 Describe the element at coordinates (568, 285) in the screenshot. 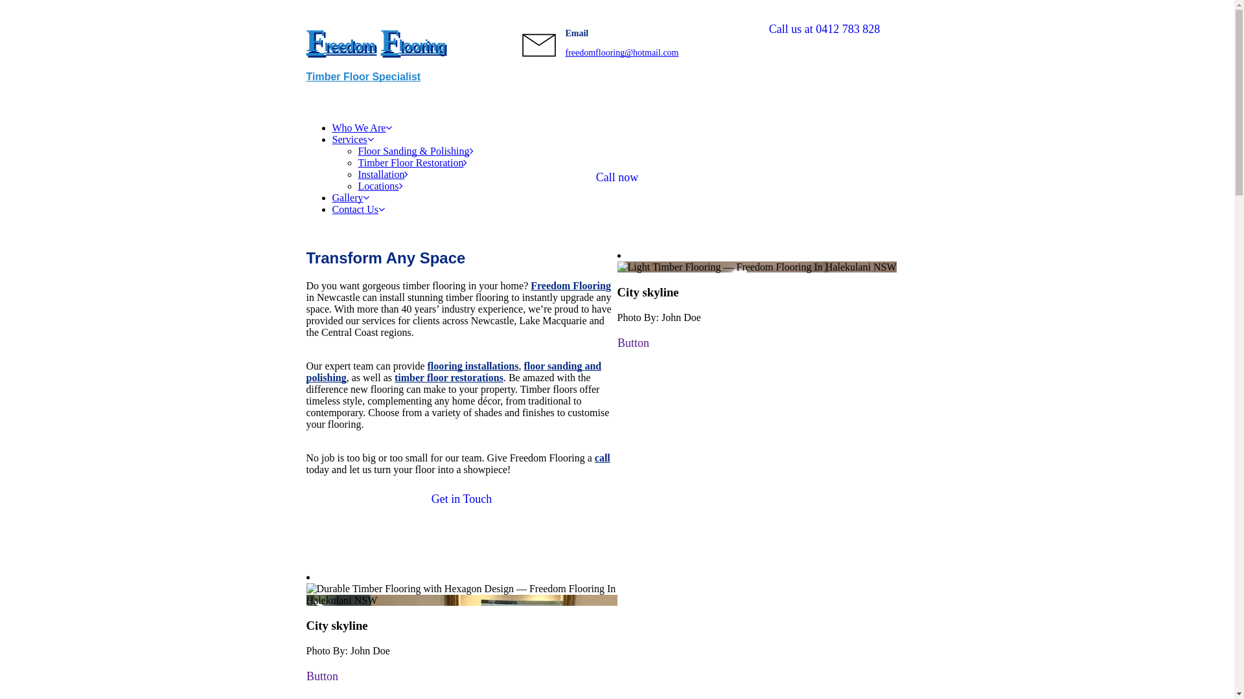

I see `'Freedom Floorin'` at that location.